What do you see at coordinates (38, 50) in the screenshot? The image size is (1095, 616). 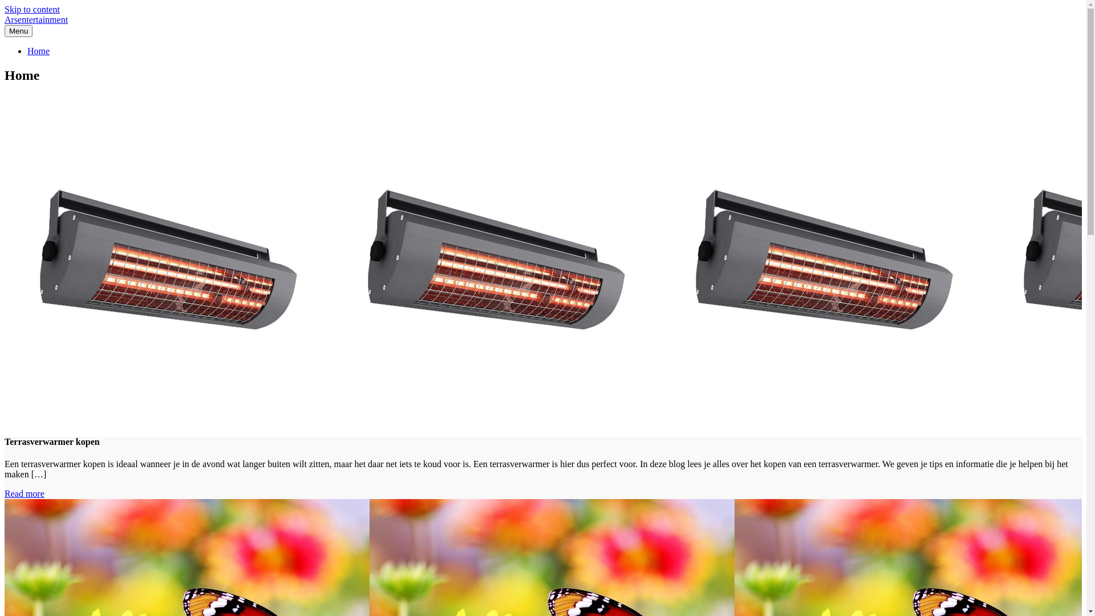 I see `'Home'` at bounding box center [38, 50].